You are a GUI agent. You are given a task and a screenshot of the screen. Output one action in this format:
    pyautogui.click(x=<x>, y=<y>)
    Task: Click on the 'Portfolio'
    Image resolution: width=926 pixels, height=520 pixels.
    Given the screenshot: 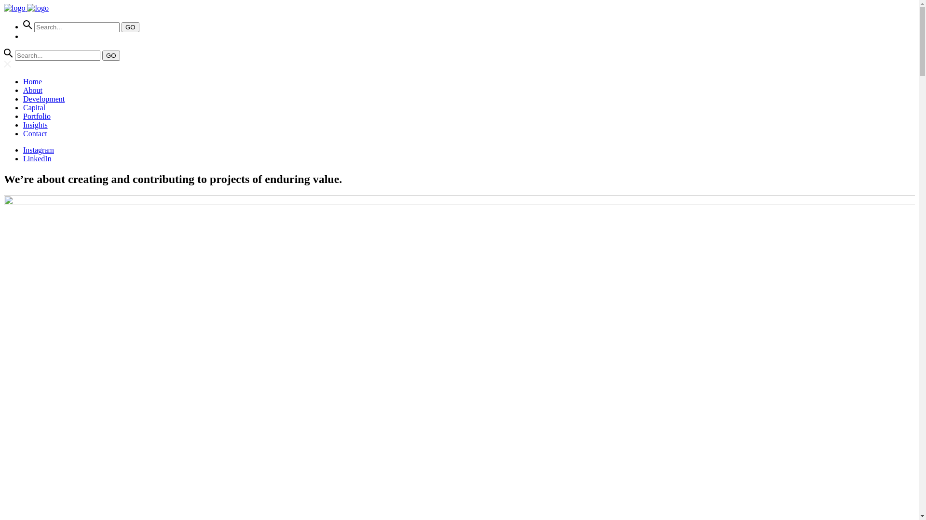 What is the action you would take?
    pyautogui.click(x=23, y=116)
    